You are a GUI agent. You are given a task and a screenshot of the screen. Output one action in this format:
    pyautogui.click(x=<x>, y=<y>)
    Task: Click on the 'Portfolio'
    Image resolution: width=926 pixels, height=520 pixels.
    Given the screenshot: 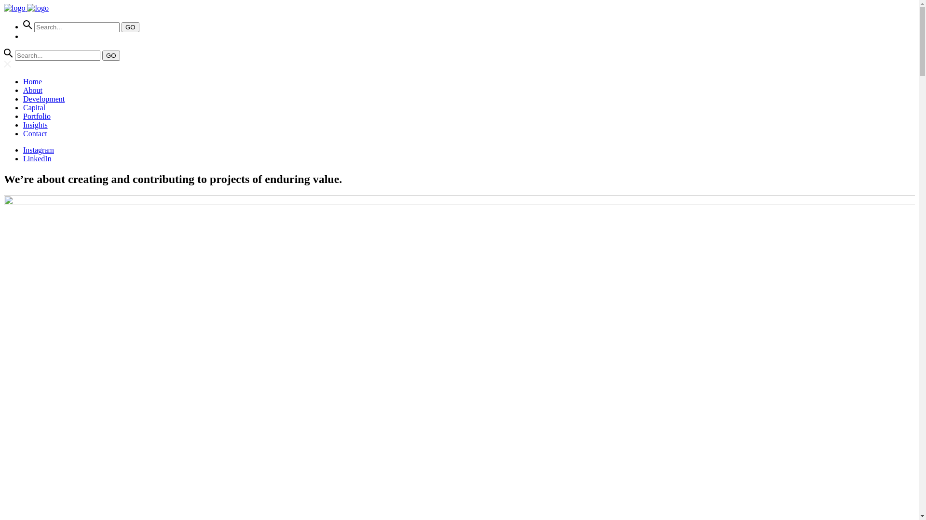 What is the action you would take?
    pyautogui.click(x=23, y=116)
    